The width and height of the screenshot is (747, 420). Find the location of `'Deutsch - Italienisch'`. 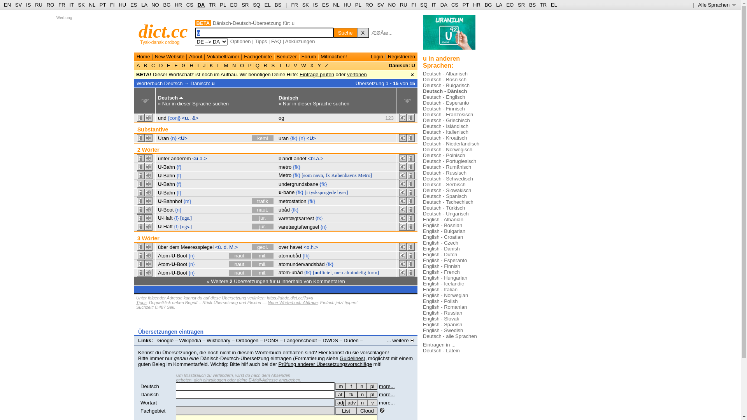

'Deutsch - Italienisch' is located at coordinates (445, 131).